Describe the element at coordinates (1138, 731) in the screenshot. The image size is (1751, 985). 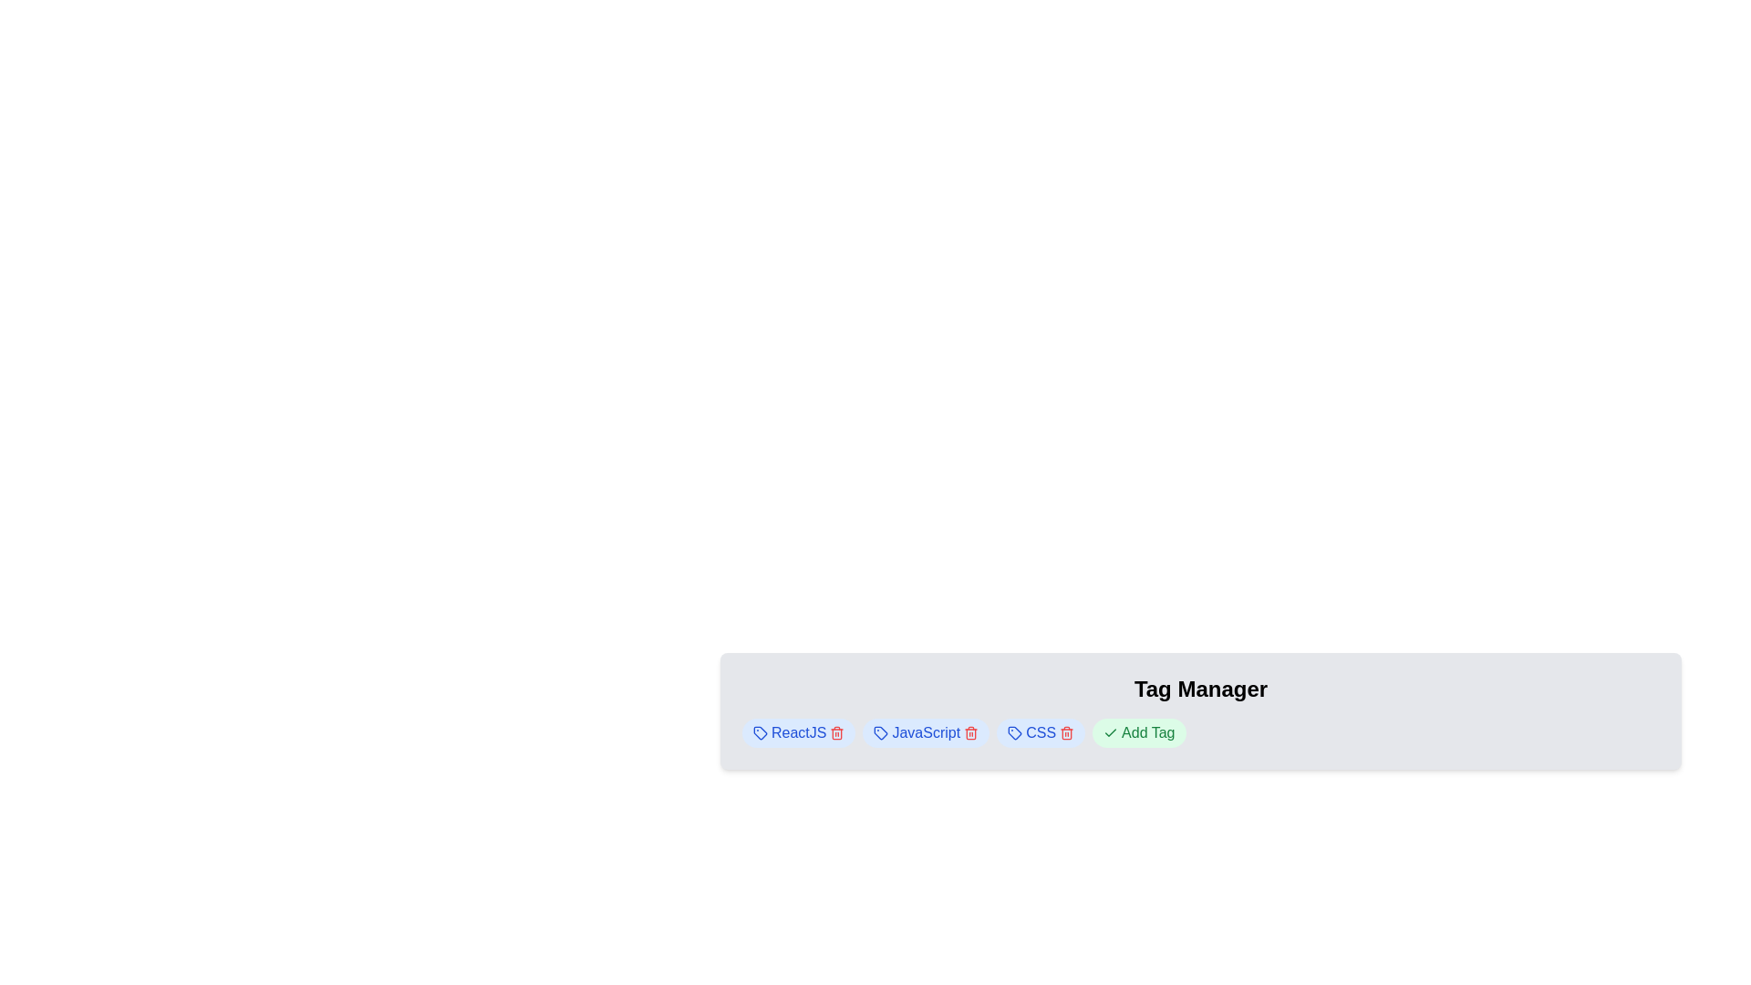
I see `the 'Add Tag' button in the 'Tag Manager' section, which is located to the right of the 'CSS' tag` at that location.